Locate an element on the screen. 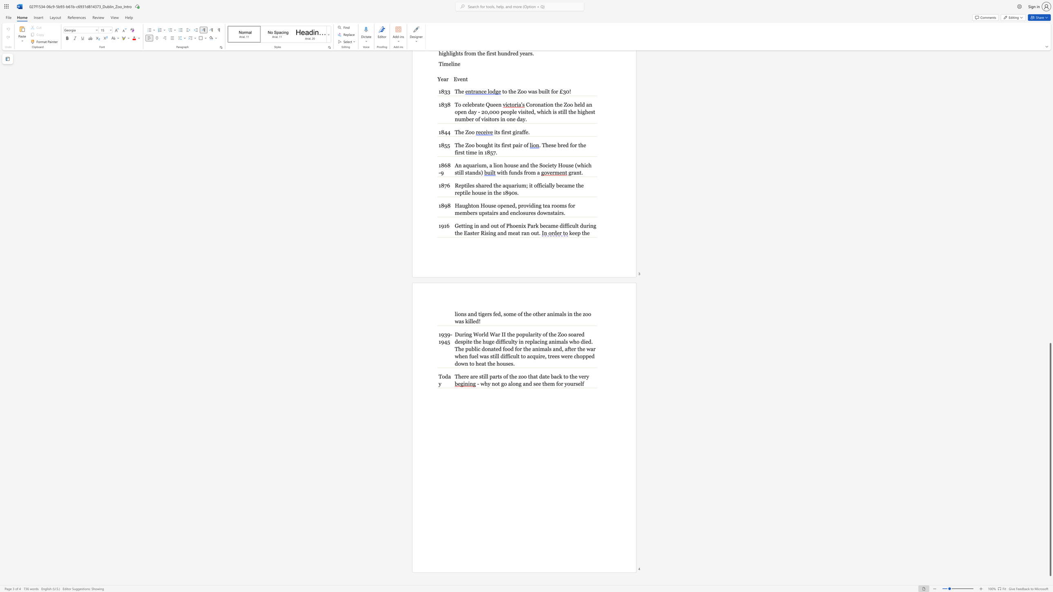  the subset text "pularity of the Zoo soared d" within the text "During World War II the popularity of the Zoo soared despite the huge difficulty in replacing animals who died. The public donated" is located at coordinates (522, 334).